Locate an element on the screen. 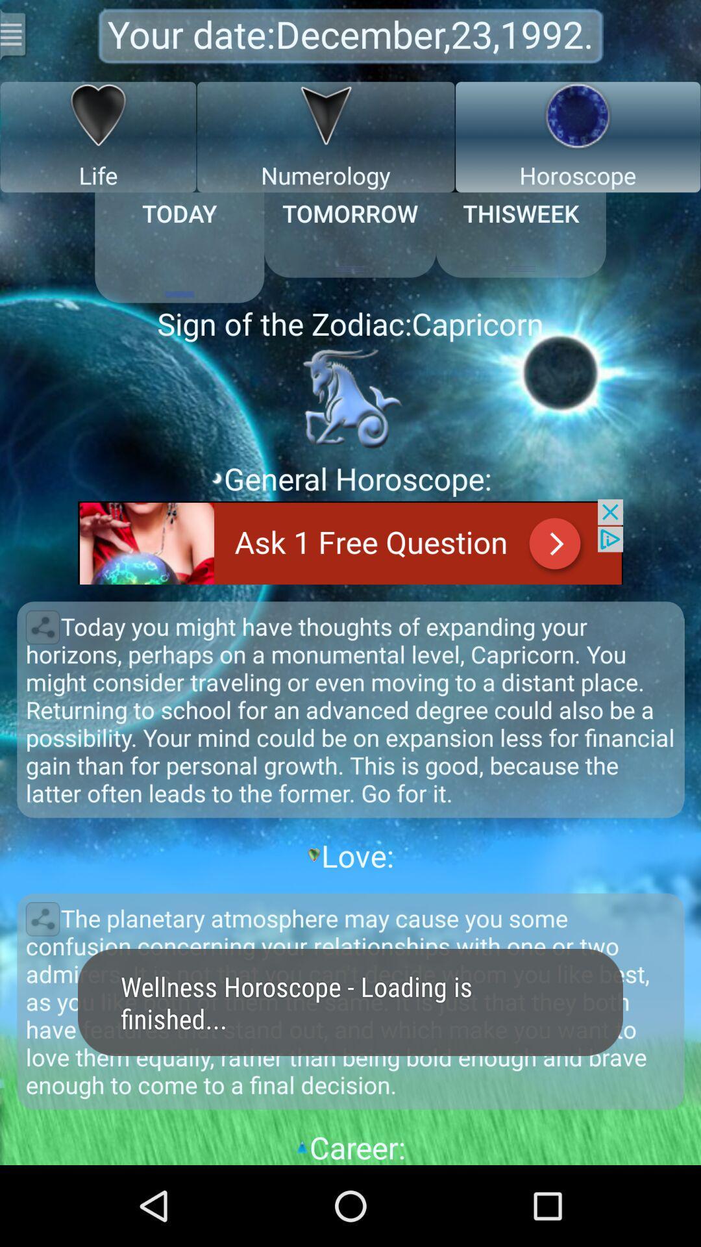  ask i free question is located at coordinates (350, 542).